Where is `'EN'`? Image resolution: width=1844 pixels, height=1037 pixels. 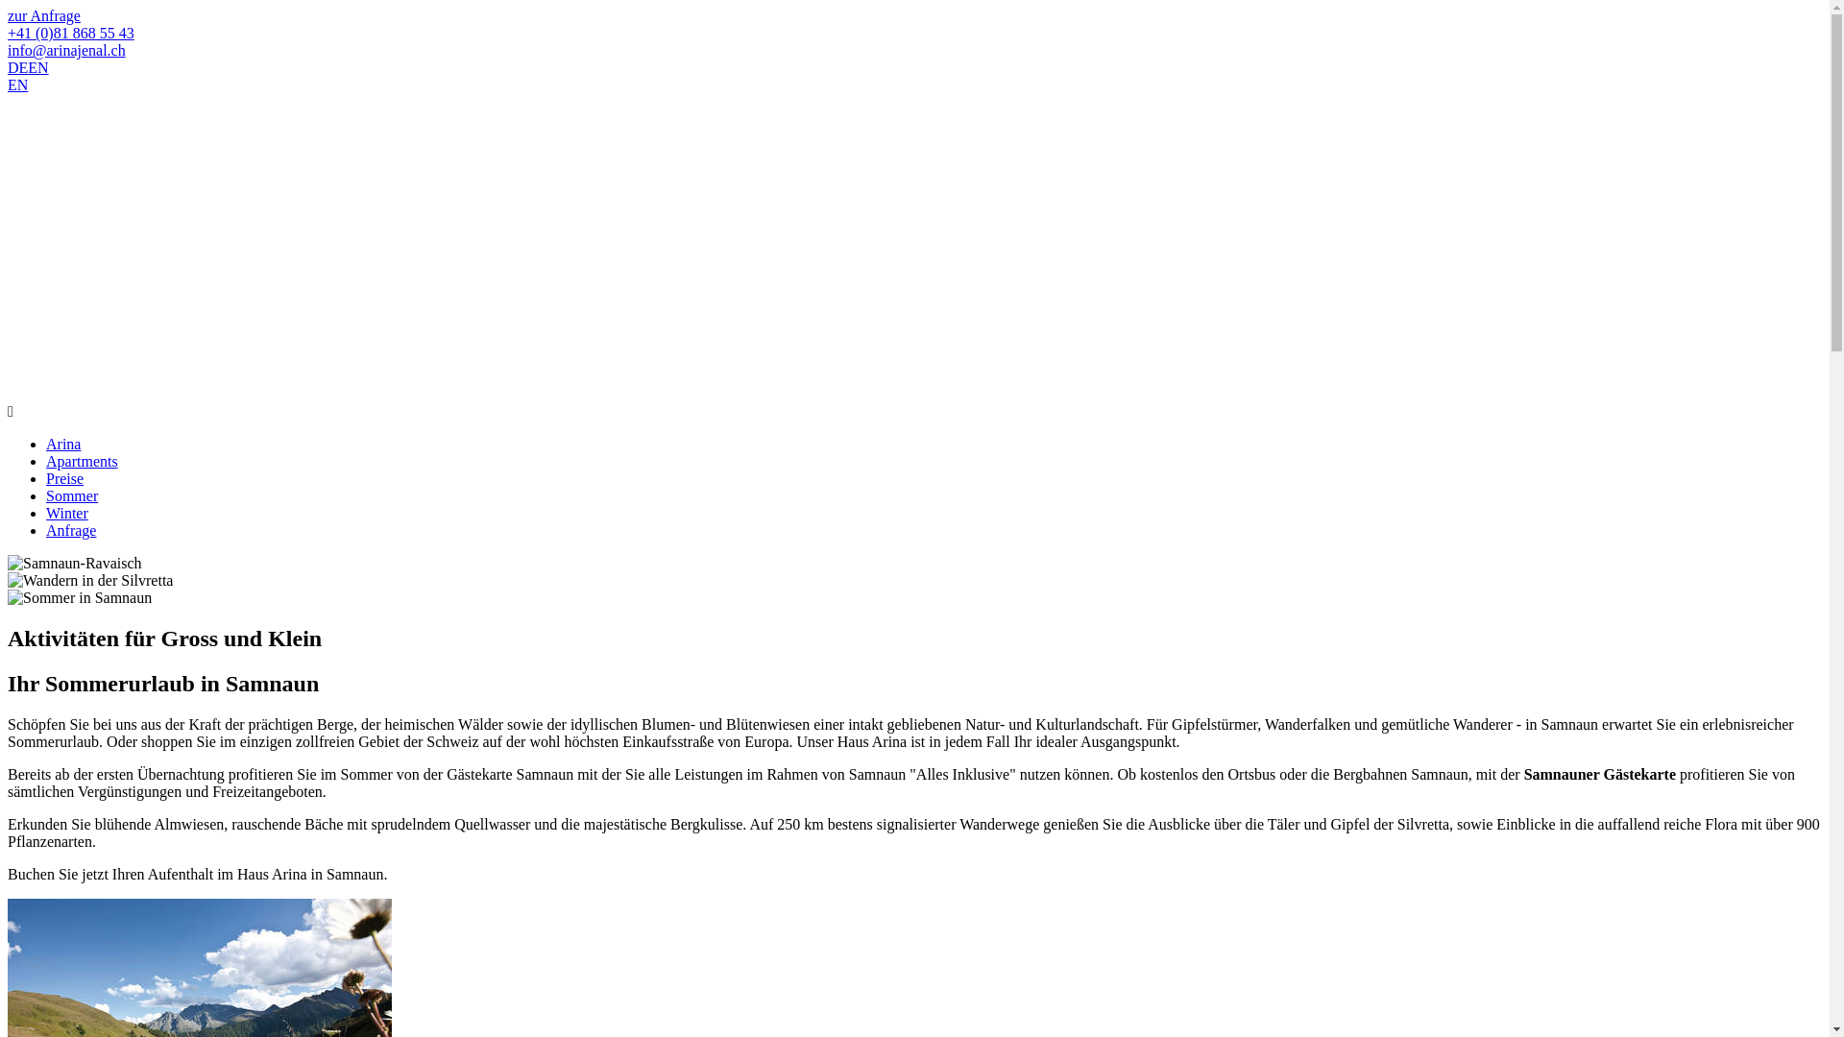 'EN' is located at coordinates (17, 84).